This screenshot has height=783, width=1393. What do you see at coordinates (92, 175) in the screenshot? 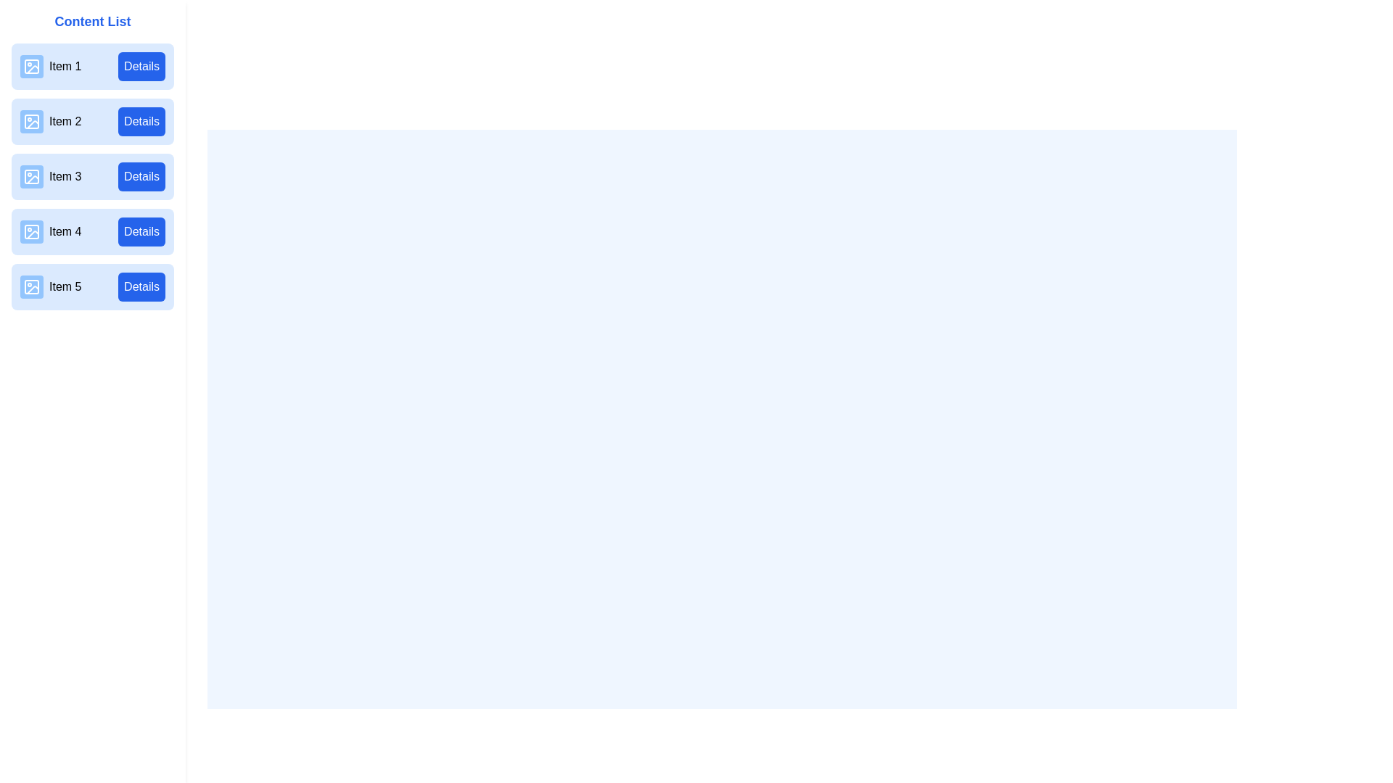
I see `the third item` at bounding box center [92, 175].